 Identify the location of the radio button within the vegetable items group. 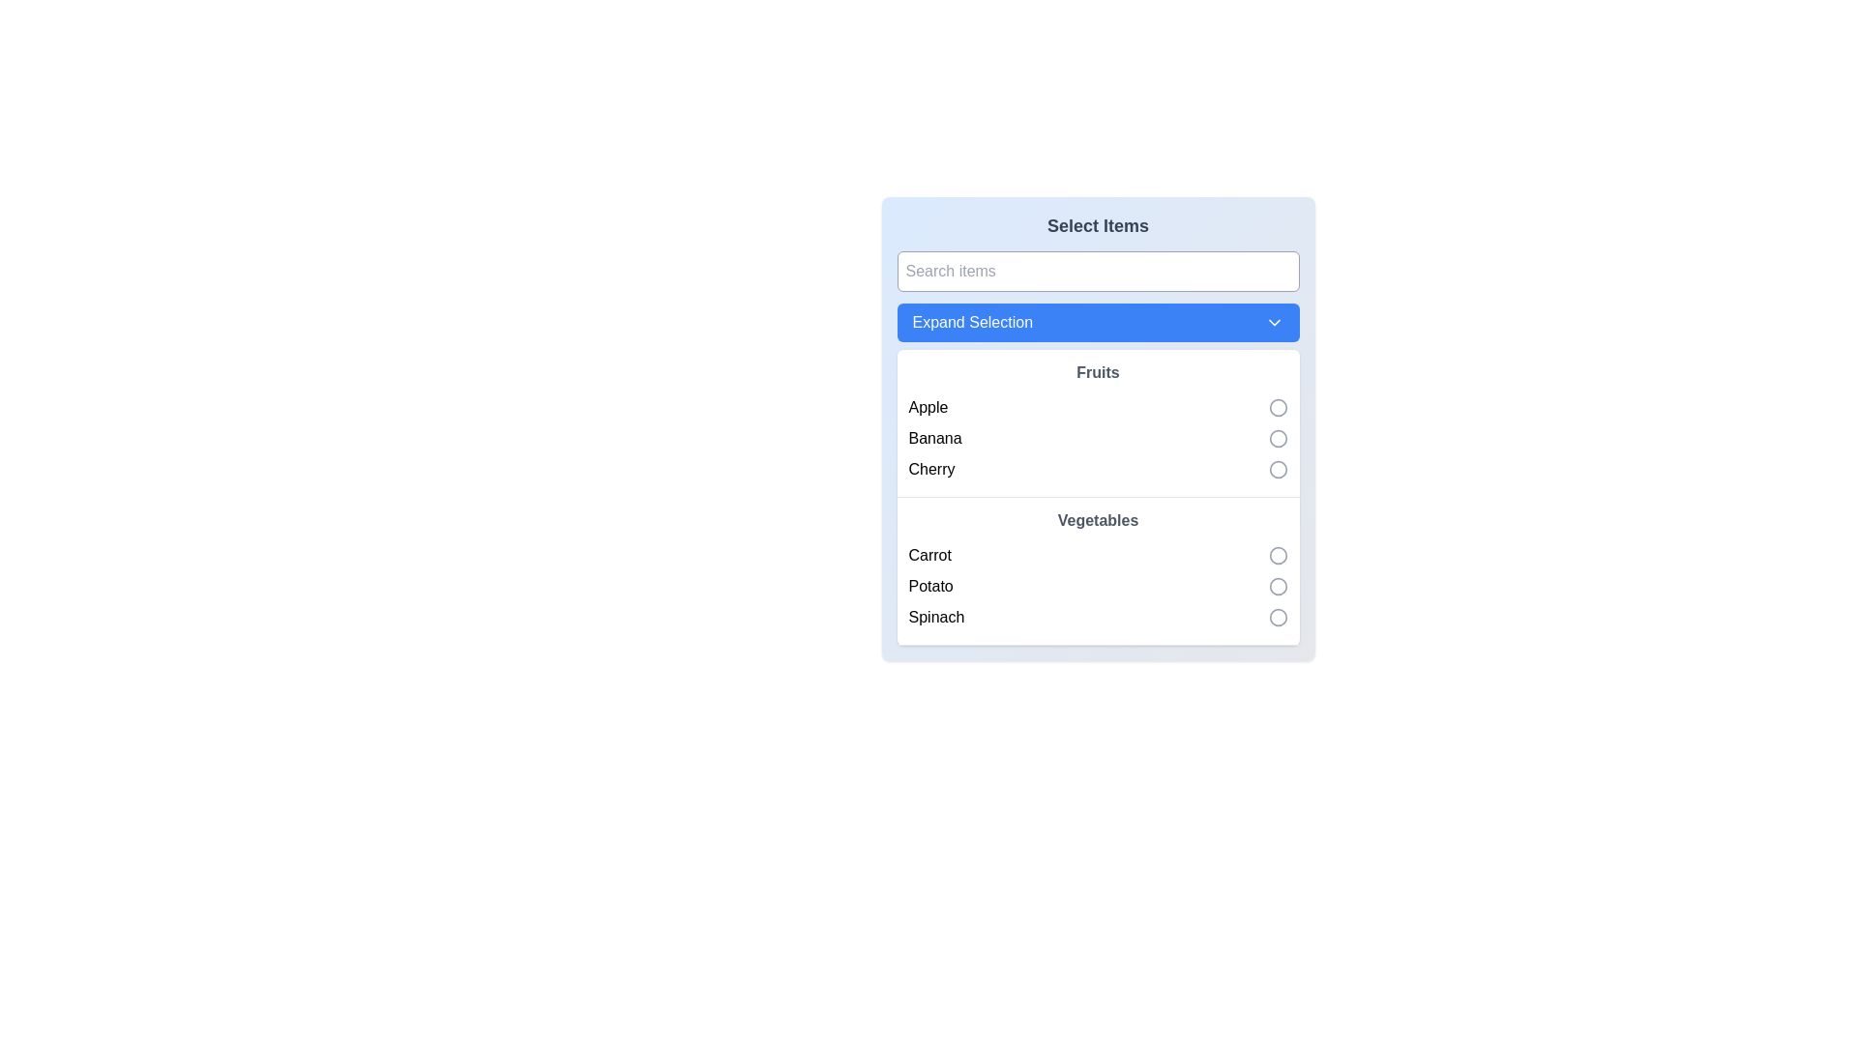
(1098, 570).